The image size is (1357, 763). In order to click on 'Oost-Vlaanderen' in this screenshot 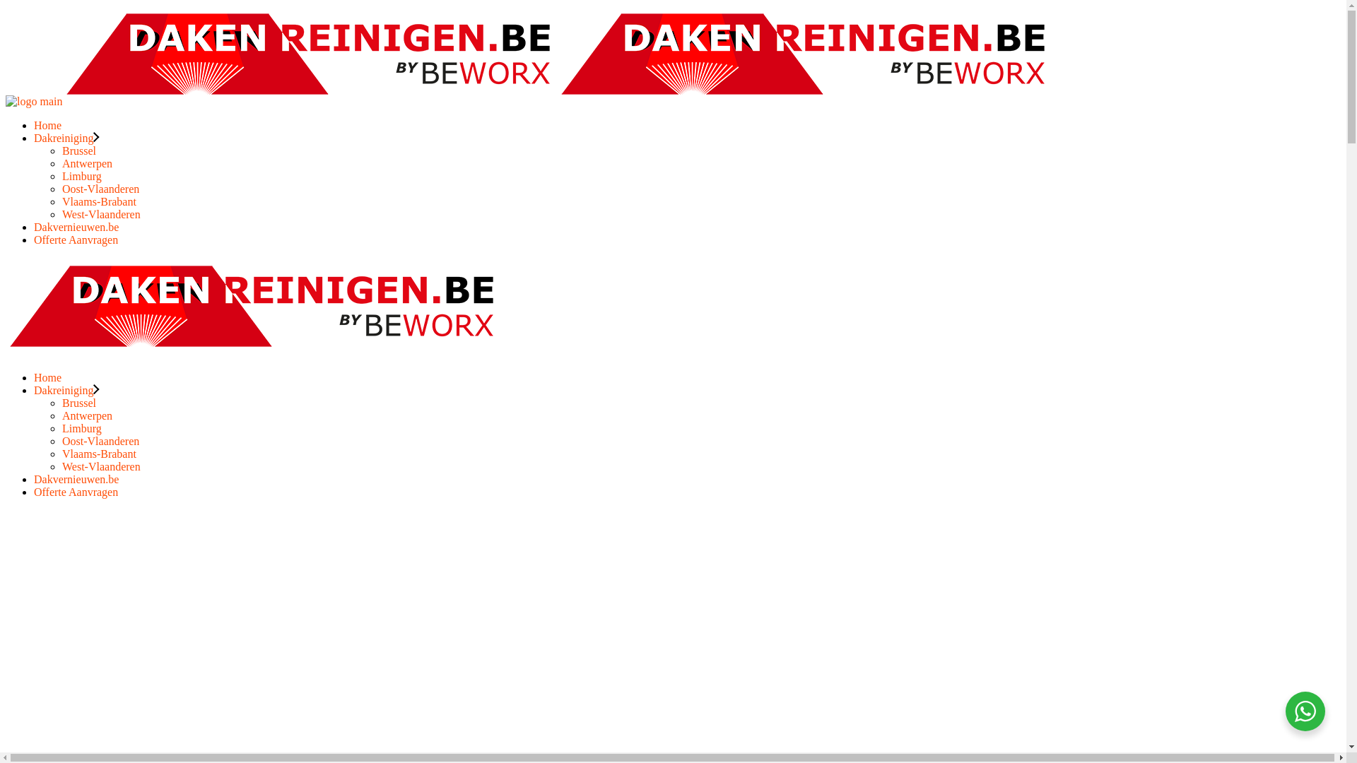, I will do `click(100, 440)`.